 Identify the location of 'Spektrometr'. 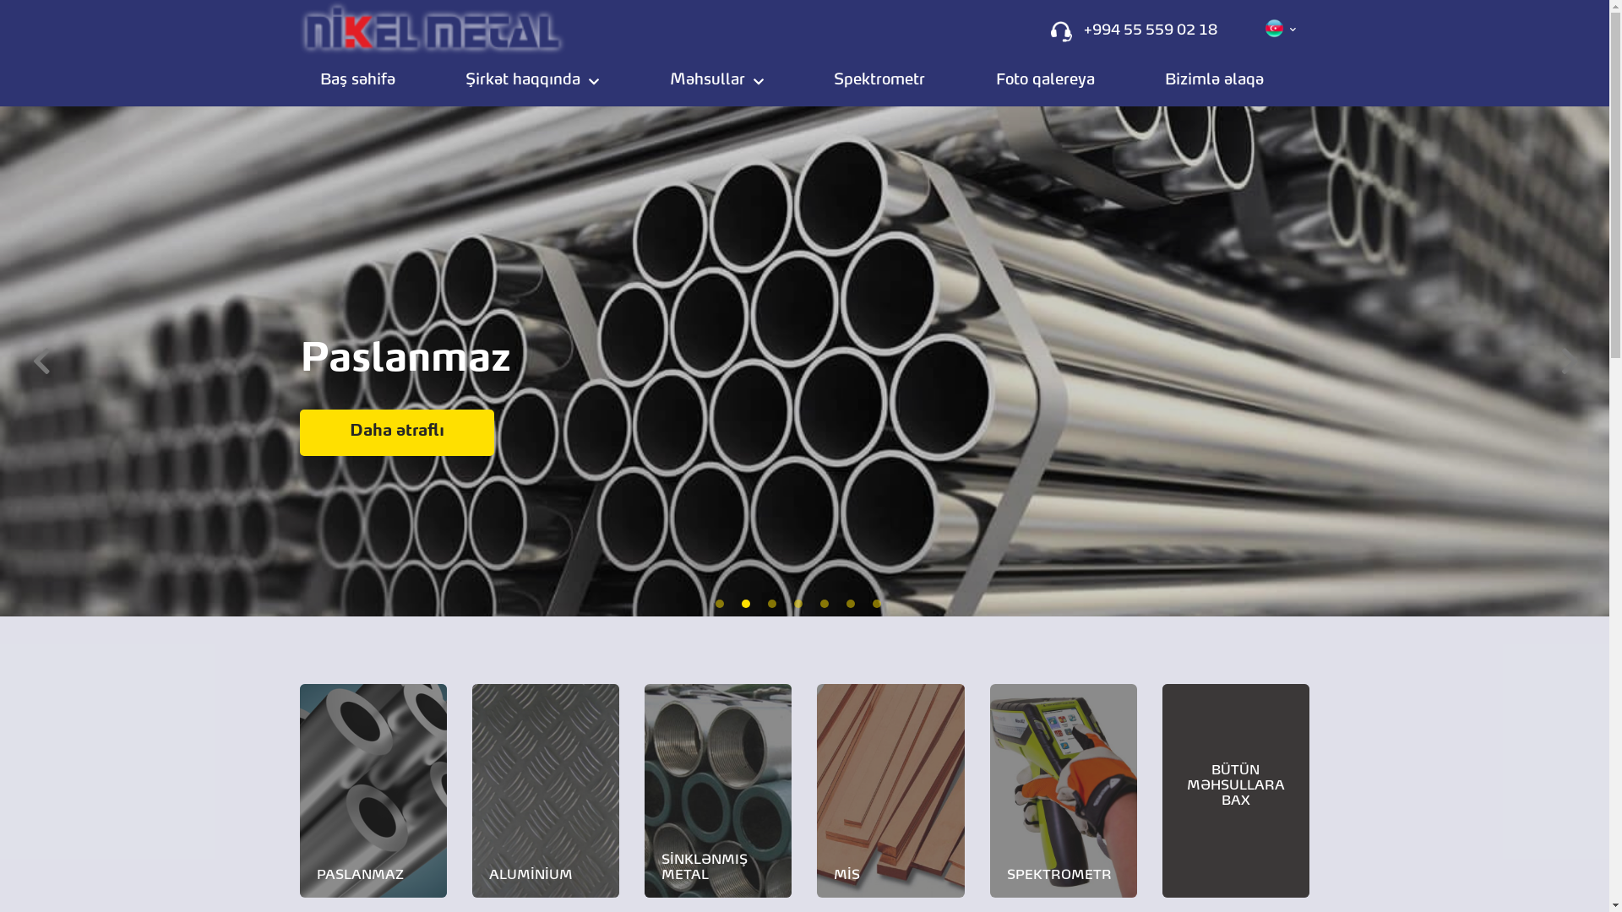
(879, 80).